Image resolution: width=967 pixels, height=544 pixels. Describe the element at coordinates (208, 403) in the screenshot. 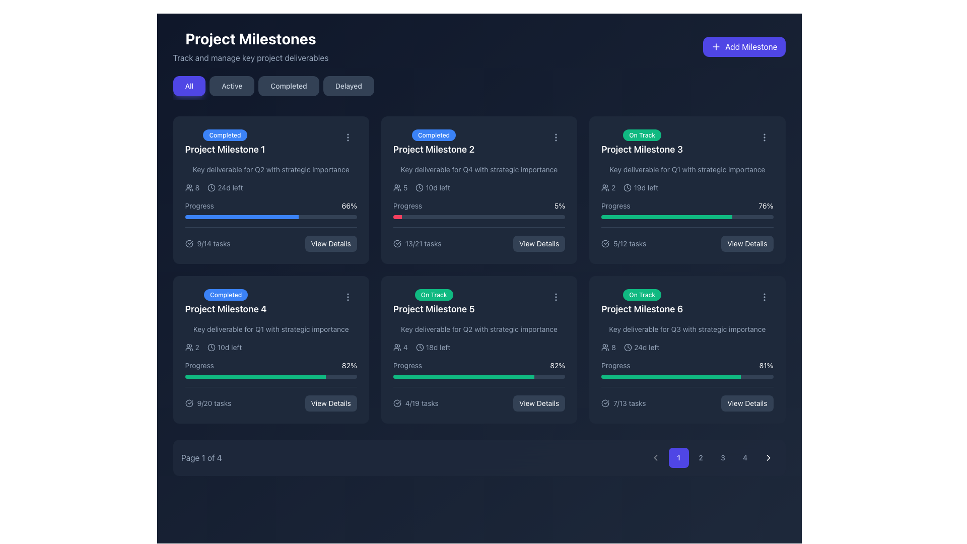

I see `the text '9/20 tasks' with the accompanying icon located at the bottom left corner of the card labeled 'Project Milestone 4'` at that location.